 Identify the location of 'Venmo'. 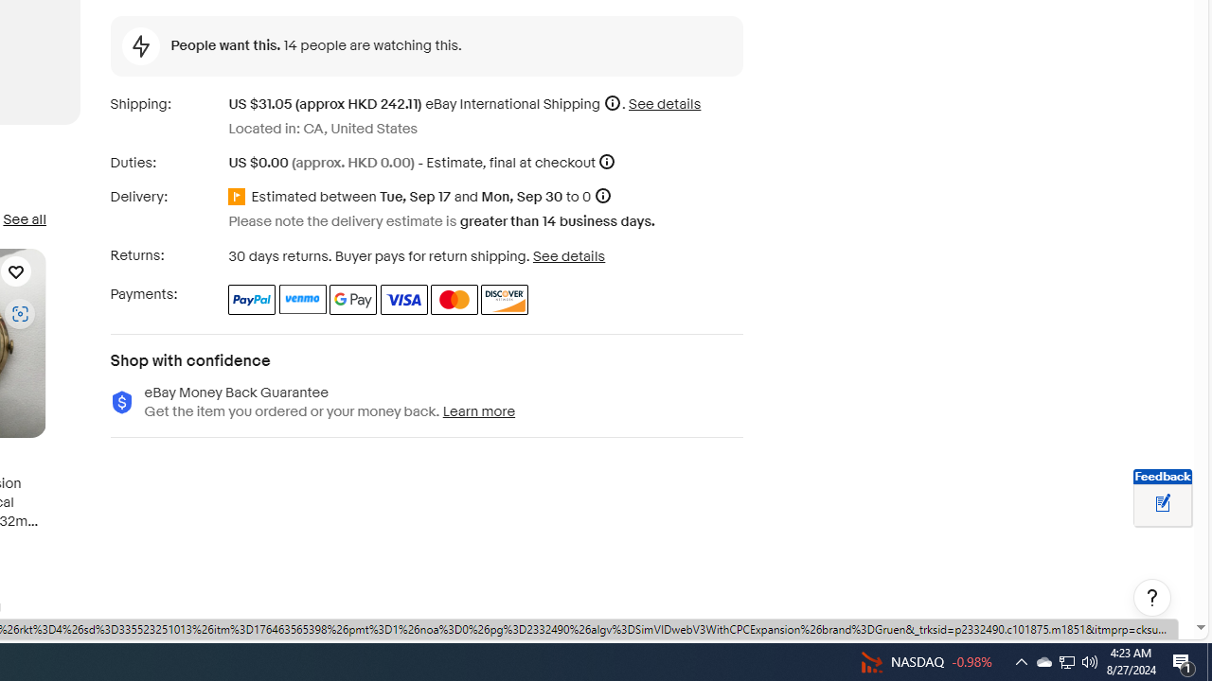
(303, 298).